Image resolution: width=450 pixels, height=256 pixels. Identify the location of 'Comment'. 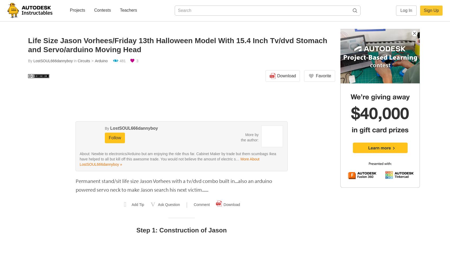
(201, 205).